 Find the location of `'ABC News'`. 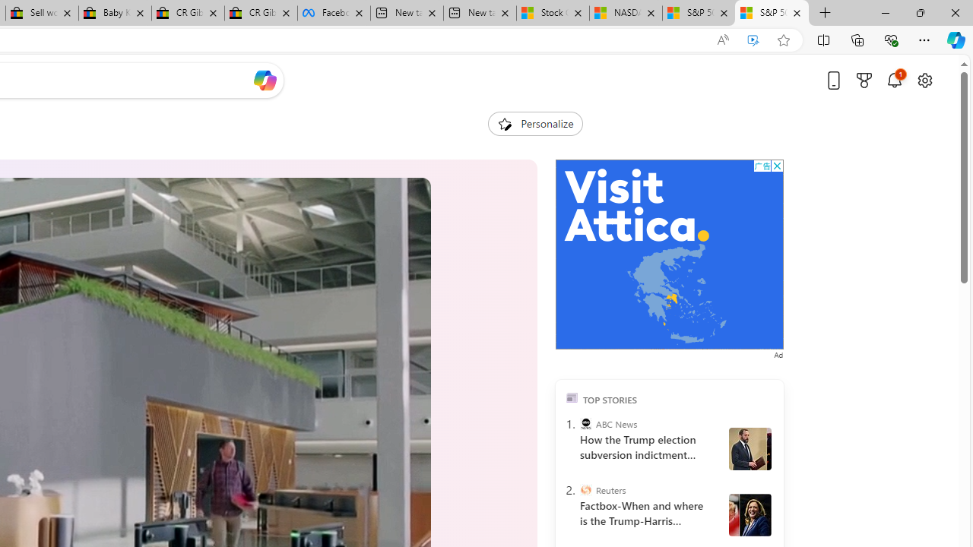

'ABC News' is located at coordinates (585, 424).